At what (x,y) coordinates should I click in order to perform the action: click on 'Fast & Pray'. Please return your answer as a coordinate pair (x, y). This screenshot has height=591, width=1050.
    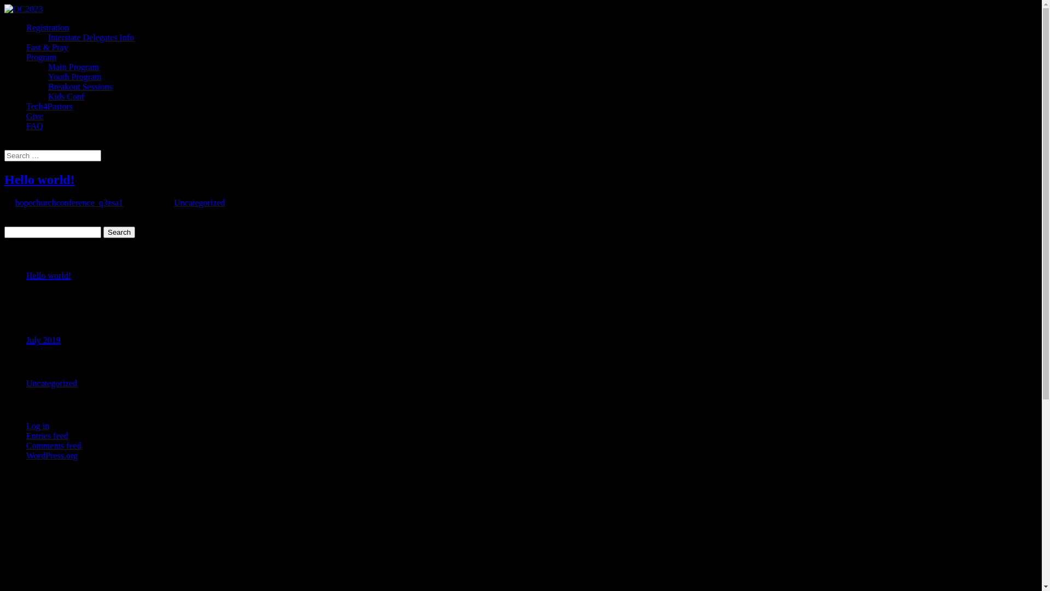
    Looking at the image, I should click on (46, 47).